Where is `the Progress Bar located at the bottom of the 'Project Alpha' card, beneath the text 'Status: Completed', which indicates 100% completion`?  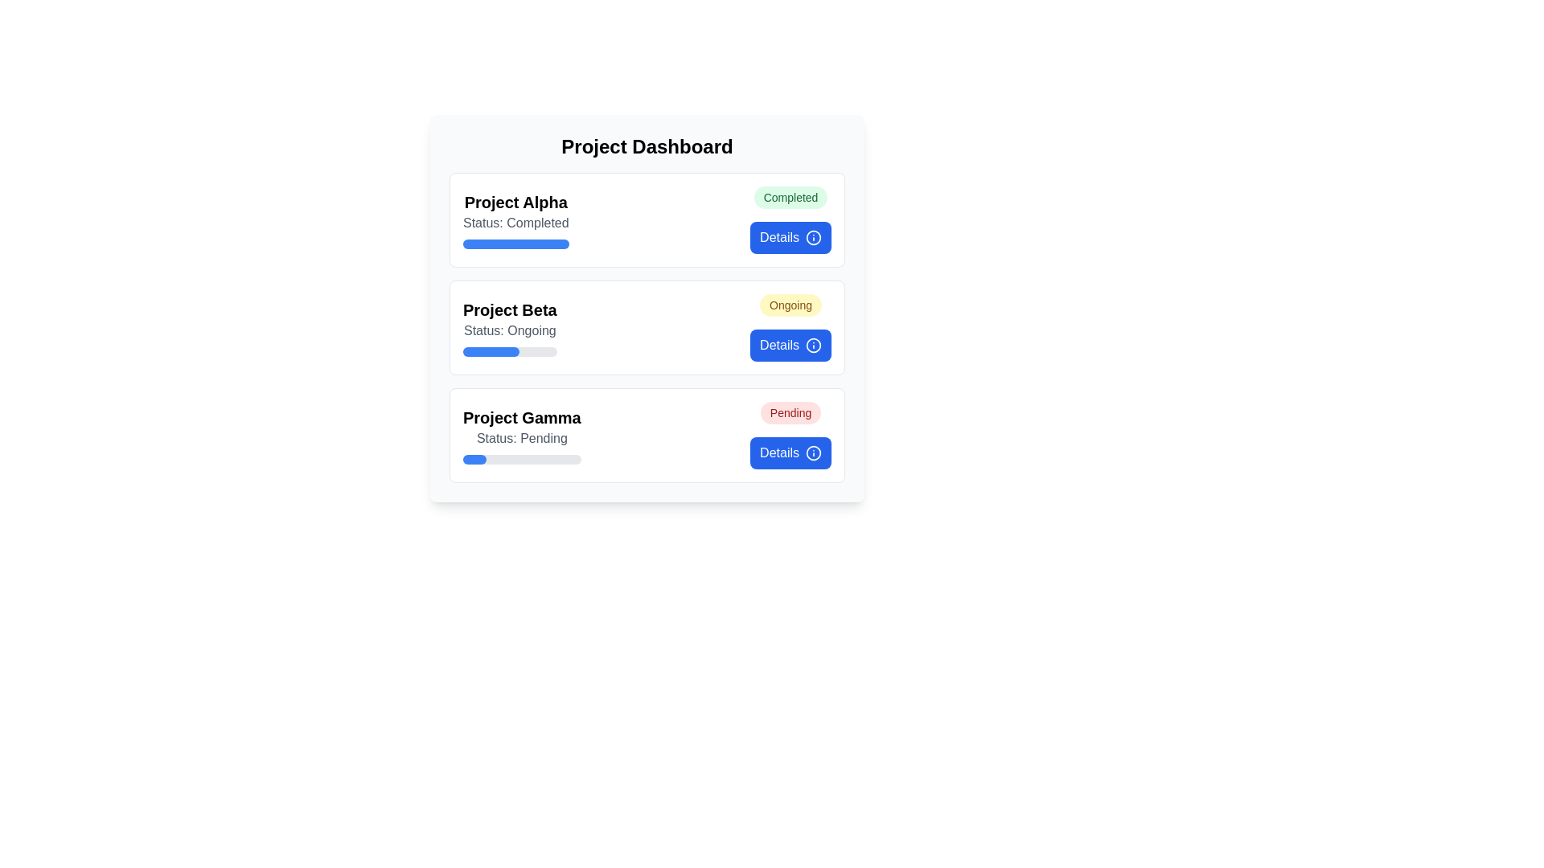 the Progress Bar located at the bottom of the 'Project Alpha' card, beneath the text 'Status: Completed', which indicates 100% completion is located at coordinates (515, 244).